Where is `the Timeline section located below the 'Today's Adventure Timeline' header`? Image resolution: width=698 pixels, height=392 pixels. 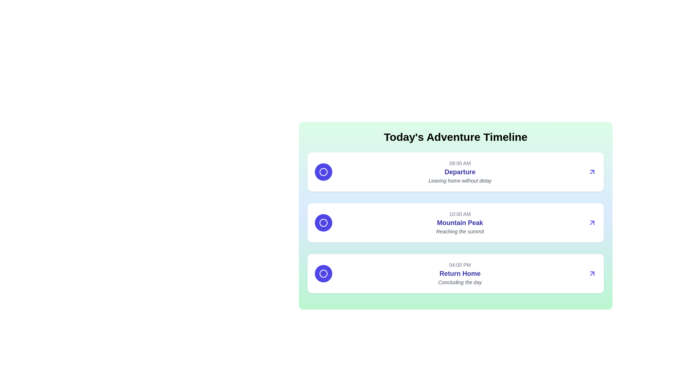 the Timeline section located below the 'Today's Adventure Timeline' header is located at coordinates (455, 222).